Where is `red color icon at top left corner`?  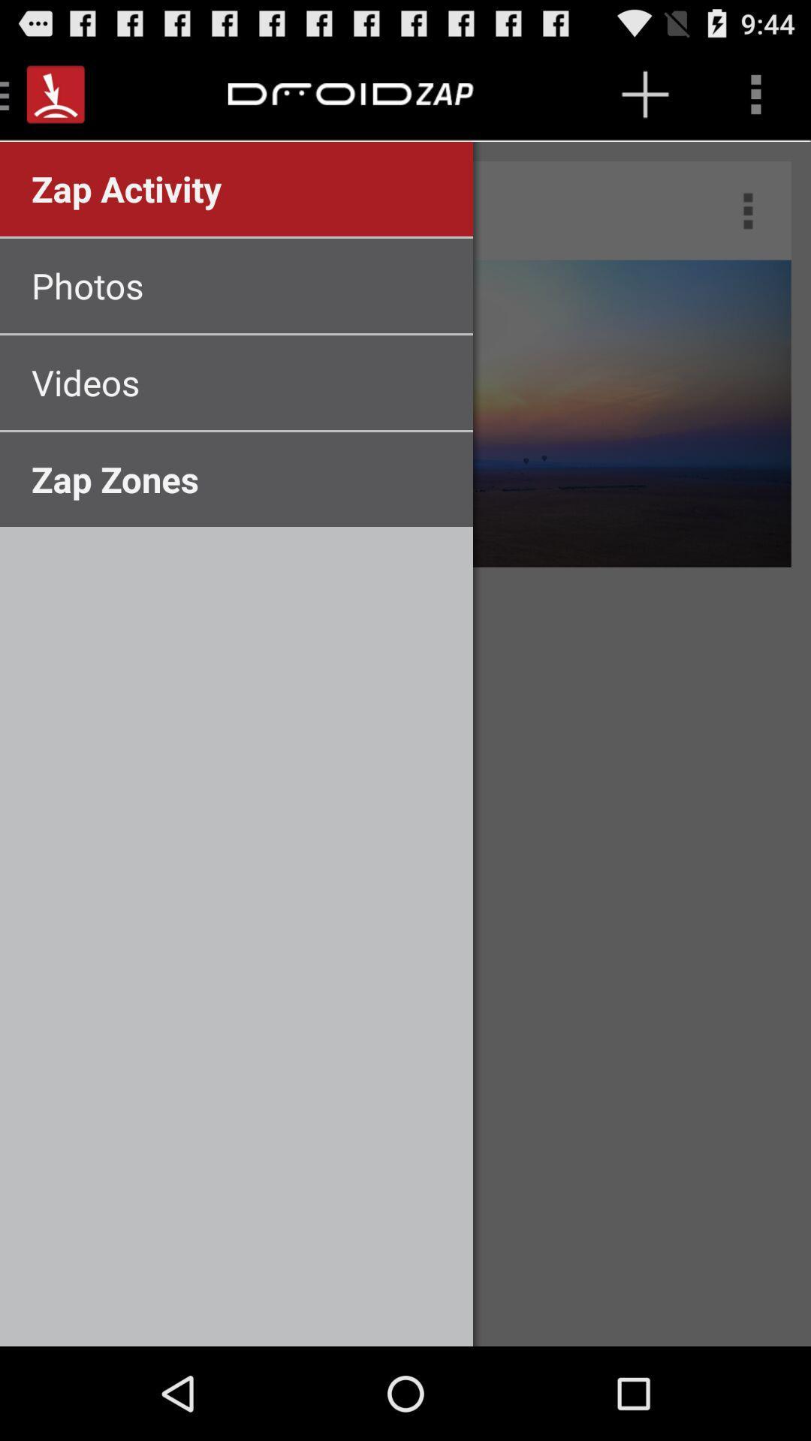 red color icon at top left corner is located at coordinates (54, 93).